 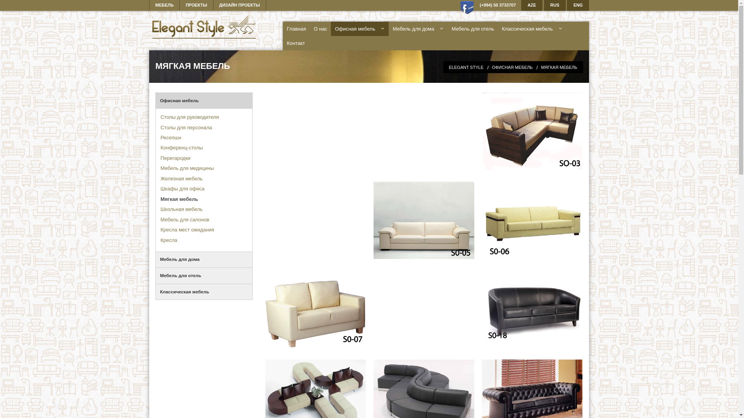 What do you see at coordinates (465, 67) in the screenshot?
I see `'ELEGANT STYLE'` at bounding box center [465, 67].